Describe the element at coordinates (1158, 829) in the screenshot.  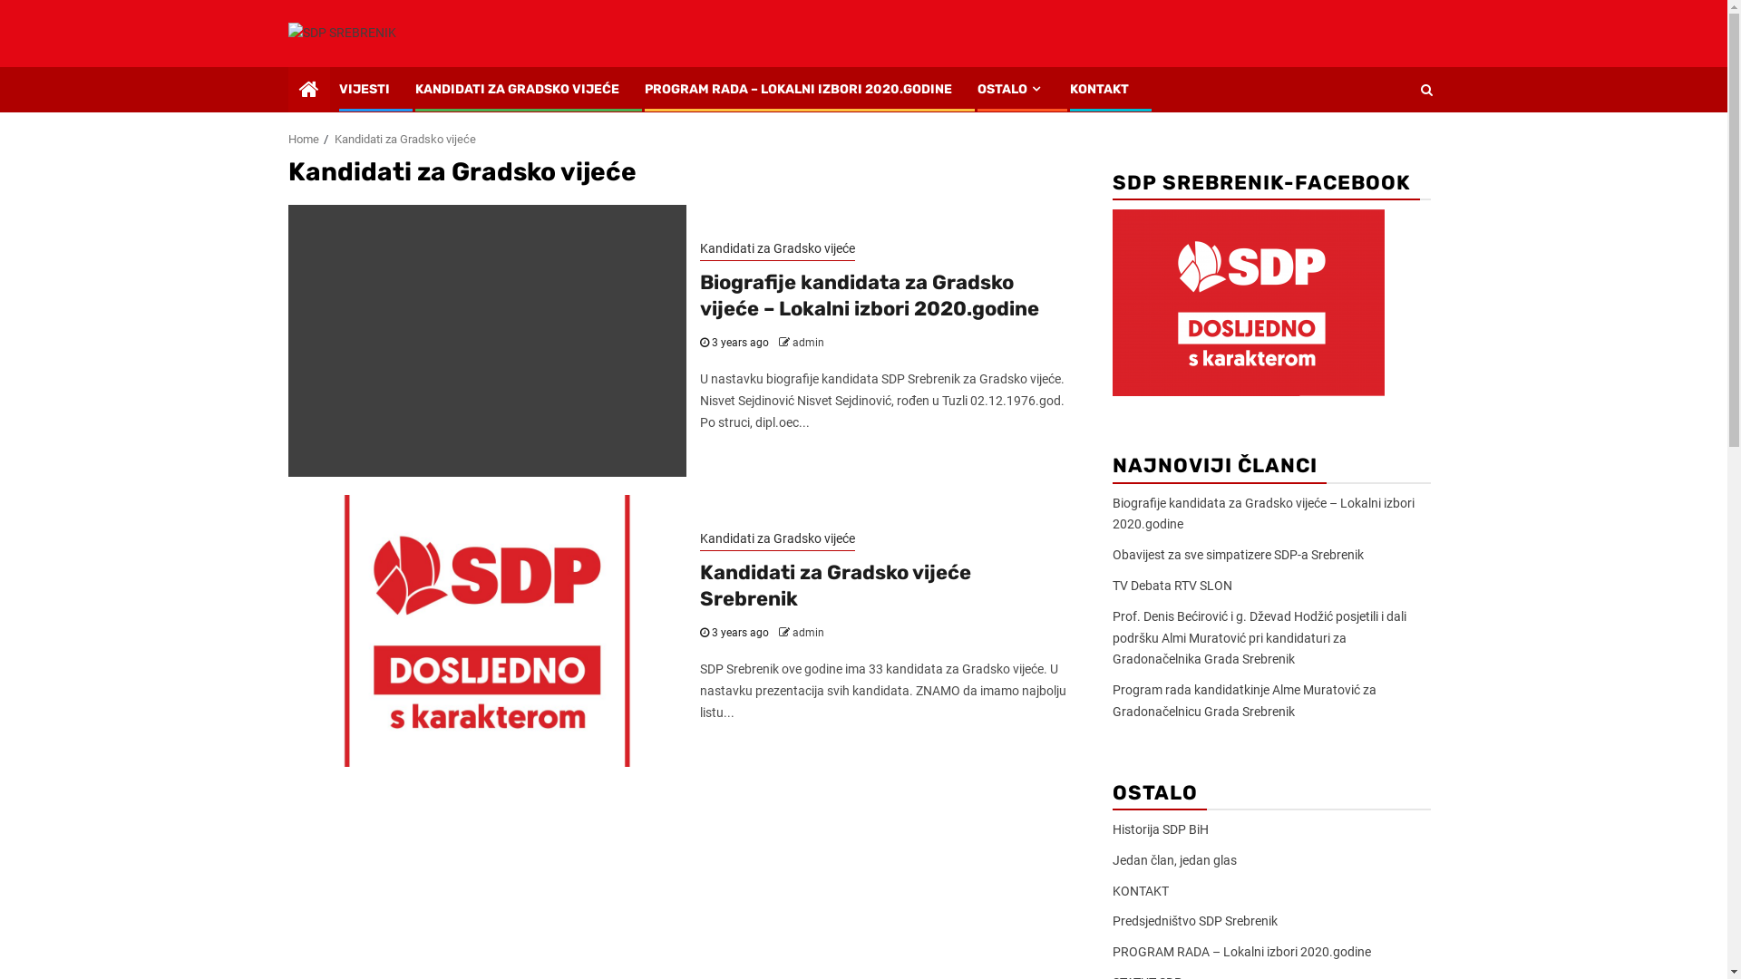
I see `'Historija SDP BiH'` at that location.